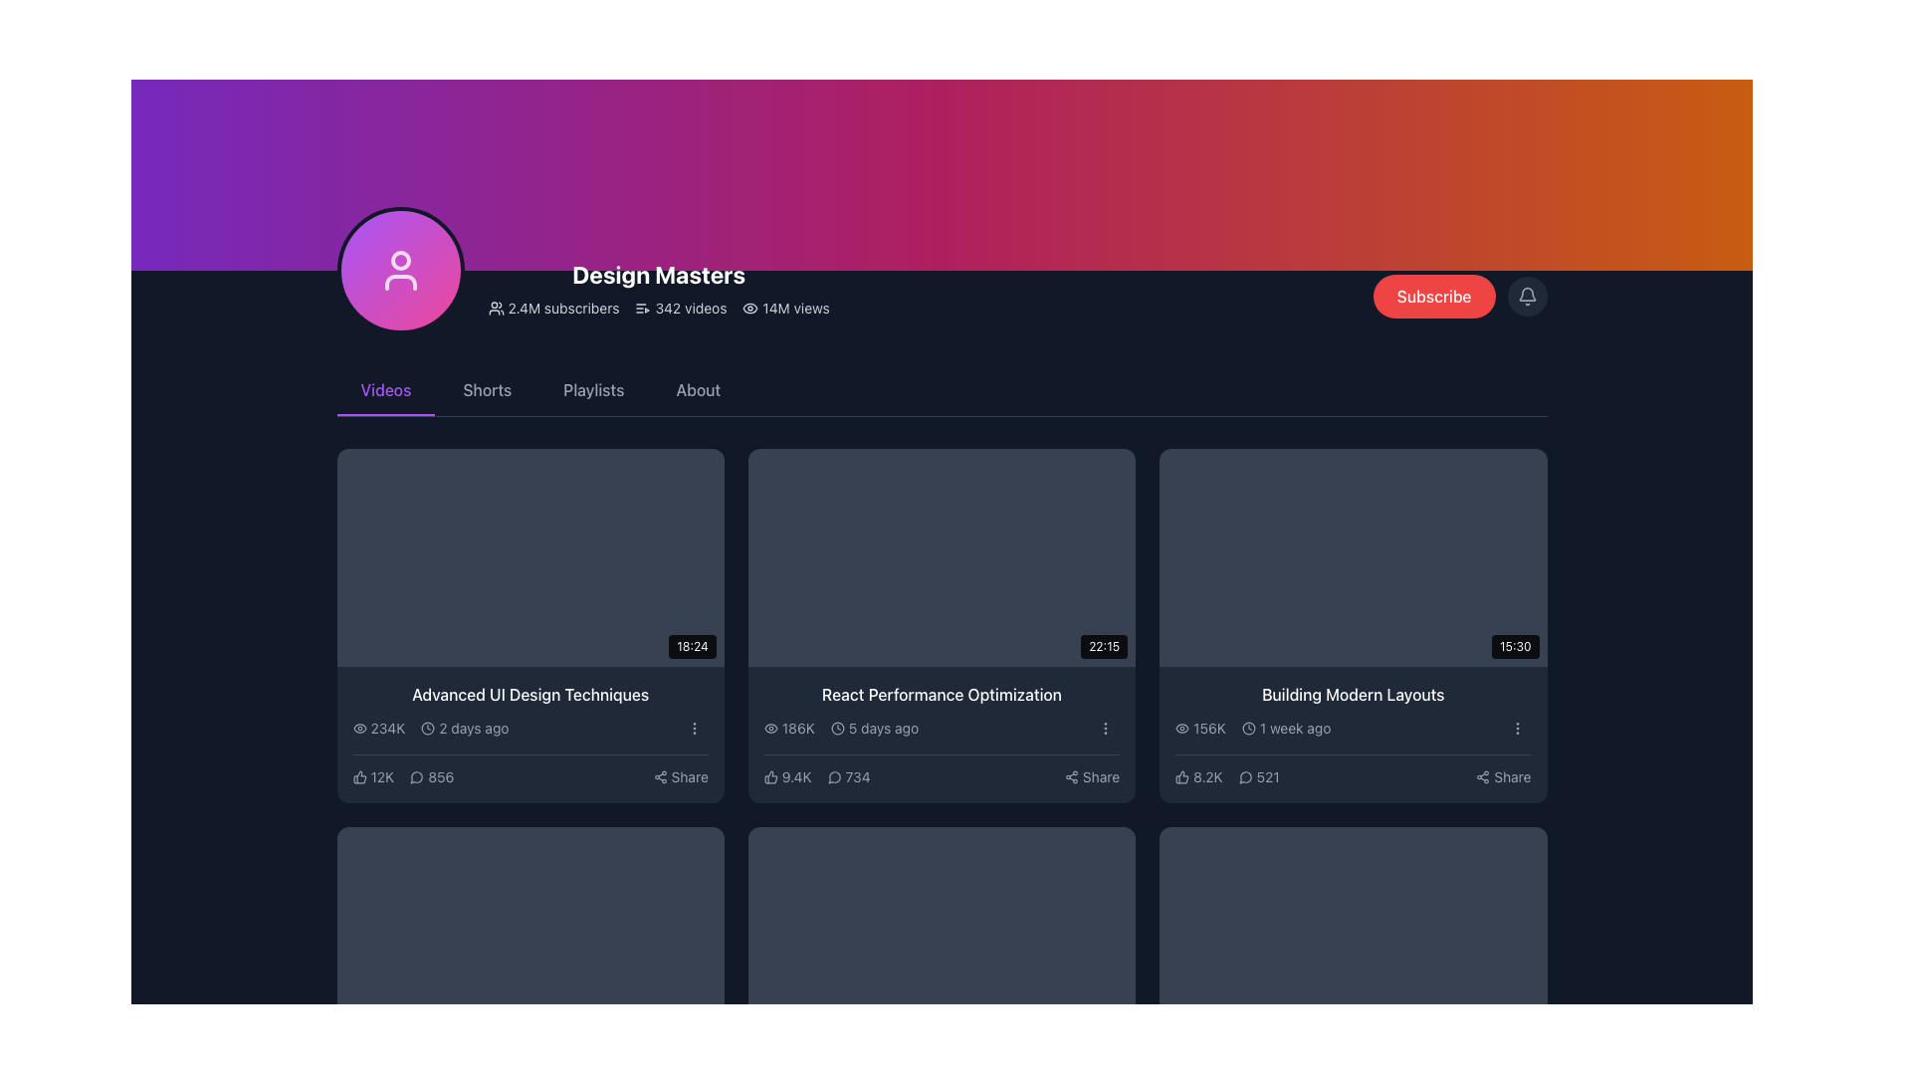 Image resolution: width=1911 pixels, height=1075 pixels. I want to click on the eye-shaped visibility icon located below the title 'React Performance Optimization' in the second video card, adjacent to the view count '186K', so click(769, 729).